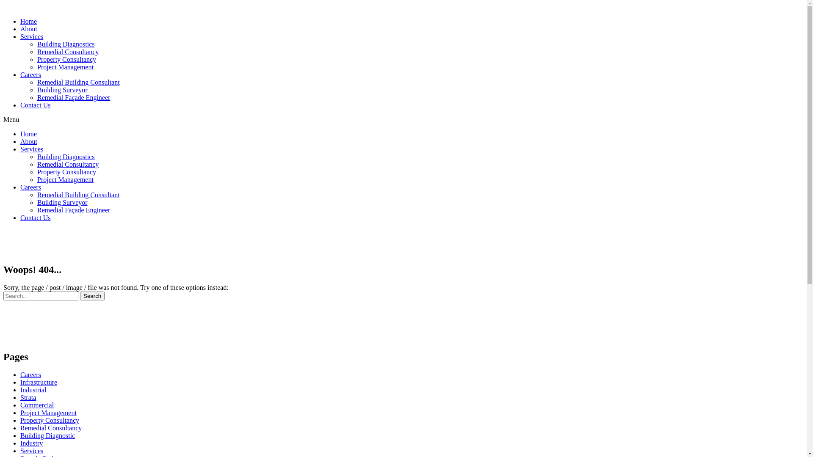 The image size is (813, 457). Describe the element at coordinates (28, 21) in the screenshot. I see `'Home'` at that location.